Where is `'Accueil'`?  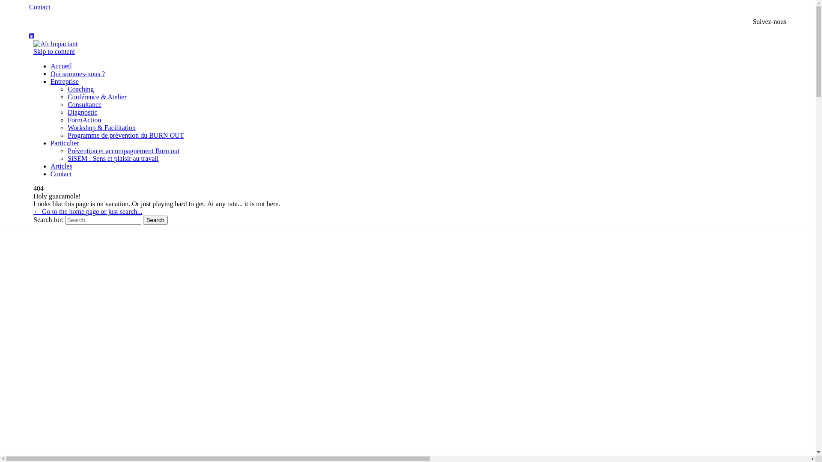 'Accueil' is located at coordinates (61, 65).